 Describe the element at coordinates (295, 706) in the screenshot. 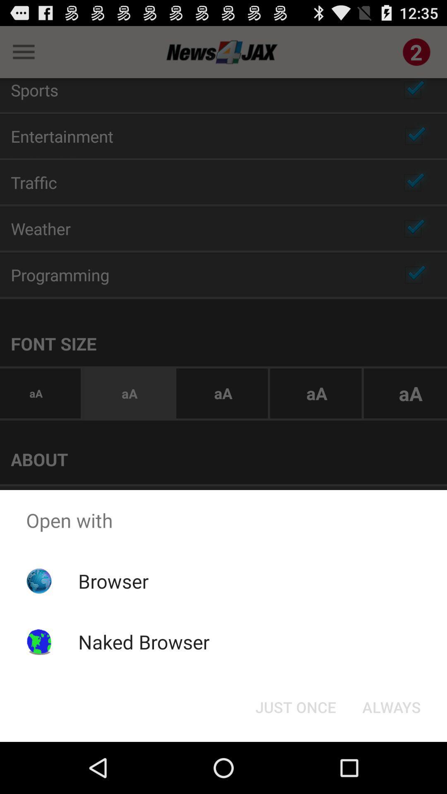

I see `item to the left of always` at that location.